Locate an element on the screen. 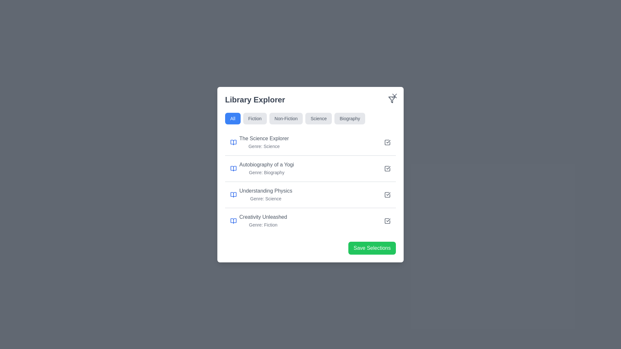  the filter button for the 'Science' category, which is the fourth item in the horizontal tab list below 'Library Explorer' is located at coordinates (319, 118).